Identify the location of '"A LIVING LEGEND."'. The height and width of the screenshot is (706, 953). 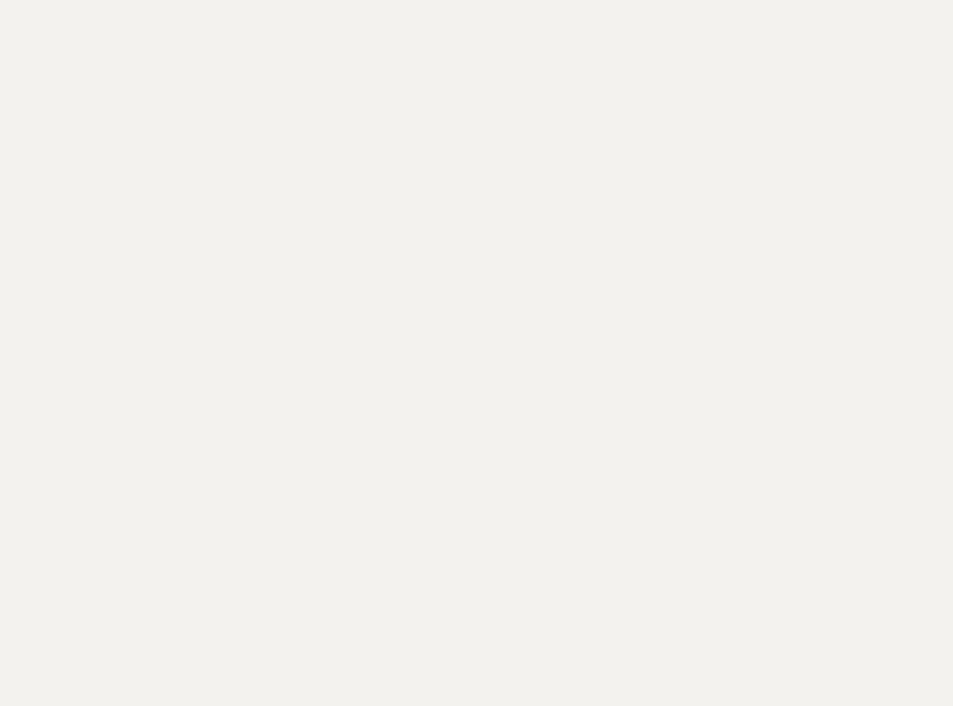
(282, 120).